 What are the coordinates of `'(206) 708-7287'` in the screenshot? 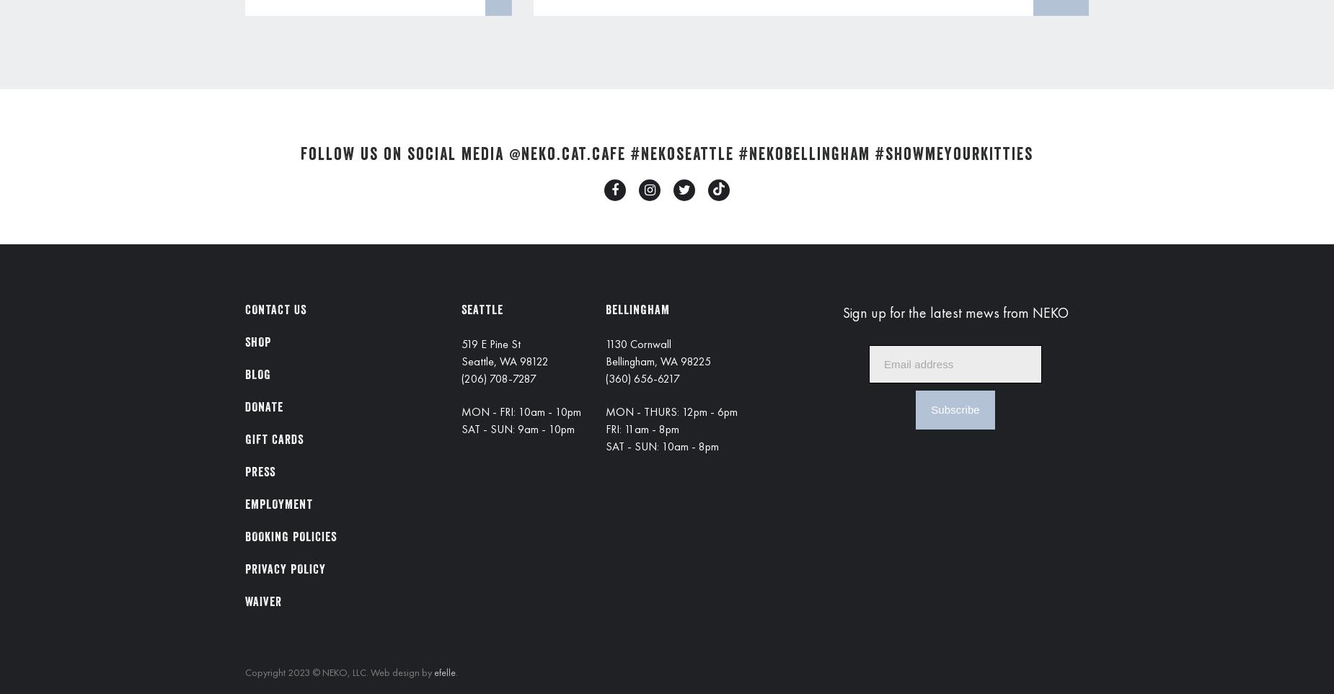 It's located at (499, 378).